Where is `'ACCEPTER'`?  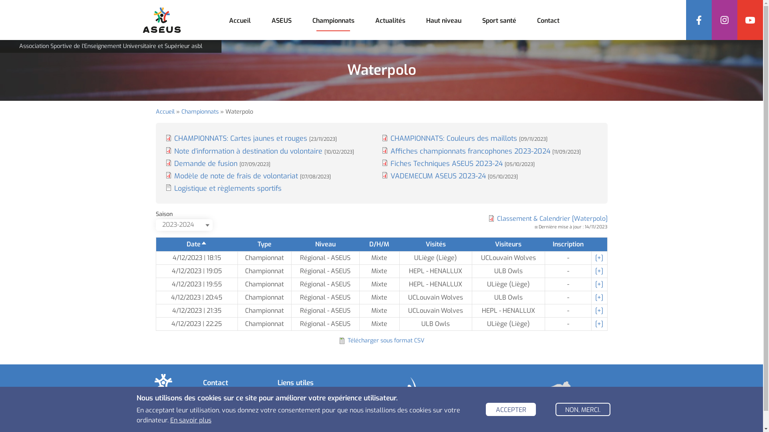 'ACCEPTER' is located at coordinates (485, 409).